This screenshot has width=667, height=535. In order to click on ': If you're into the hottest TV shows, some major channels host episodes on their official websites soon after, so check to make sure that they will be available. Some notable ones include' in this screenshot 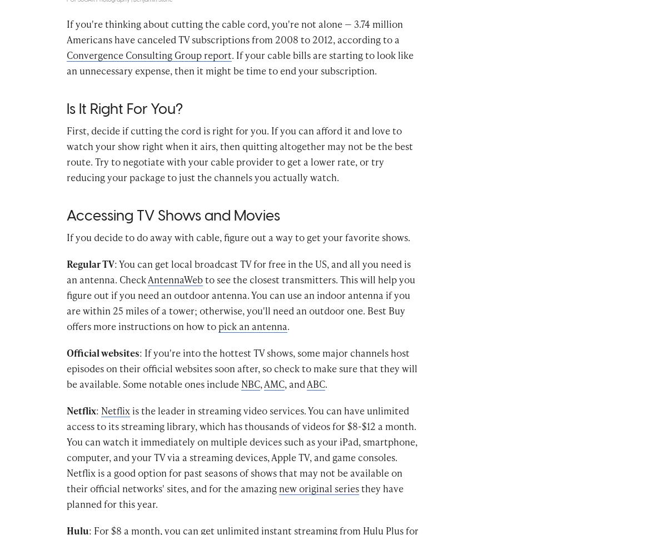, I will do `click(242, 384)`.